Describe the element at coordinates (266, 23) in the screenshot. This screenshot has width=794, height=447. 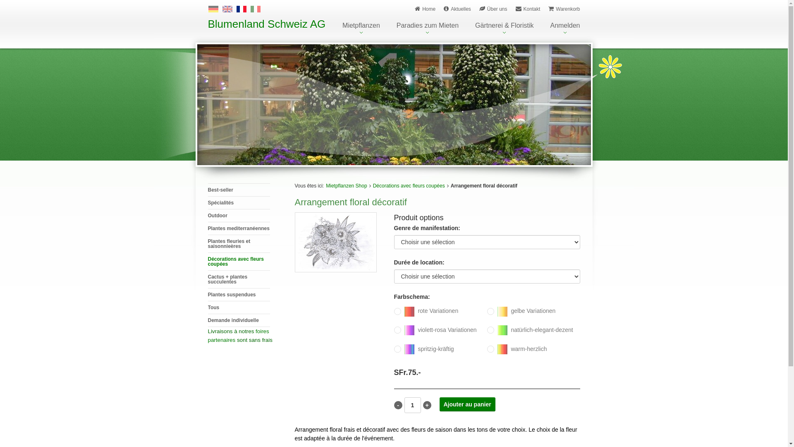
I see `'Blumenland Schweiz AG'` at that location.